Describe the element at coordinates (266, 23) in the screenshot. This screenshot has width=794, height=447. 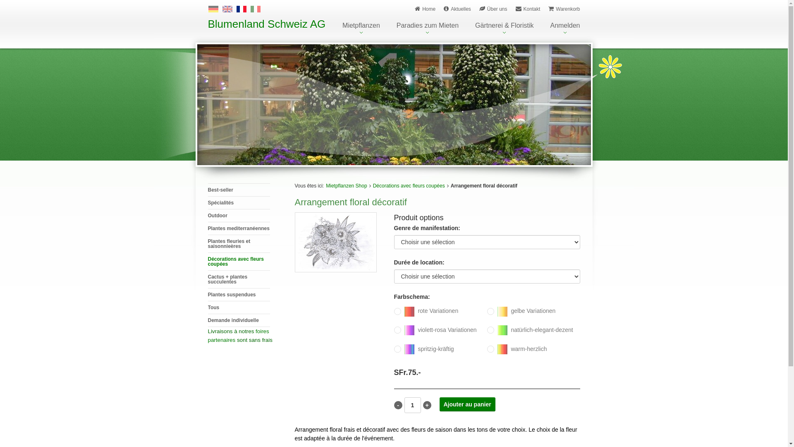
I see `'Blumenland Schweiz AG'` at that location.